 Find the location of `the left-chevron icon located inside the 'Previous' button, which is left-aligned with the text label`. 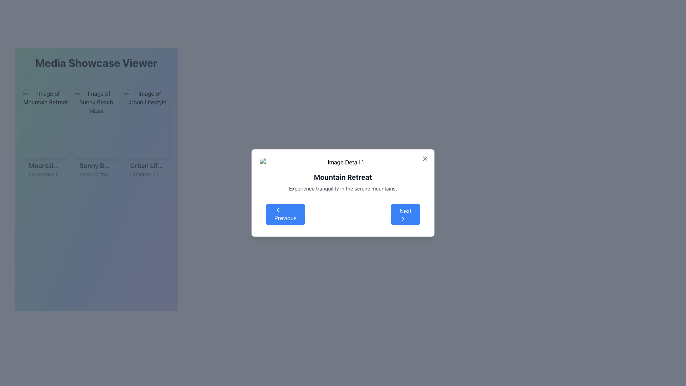

the left-chevron icon located inside the 'Previous' button, which is left-aligned with the text label is located at coordinates (277, 209).